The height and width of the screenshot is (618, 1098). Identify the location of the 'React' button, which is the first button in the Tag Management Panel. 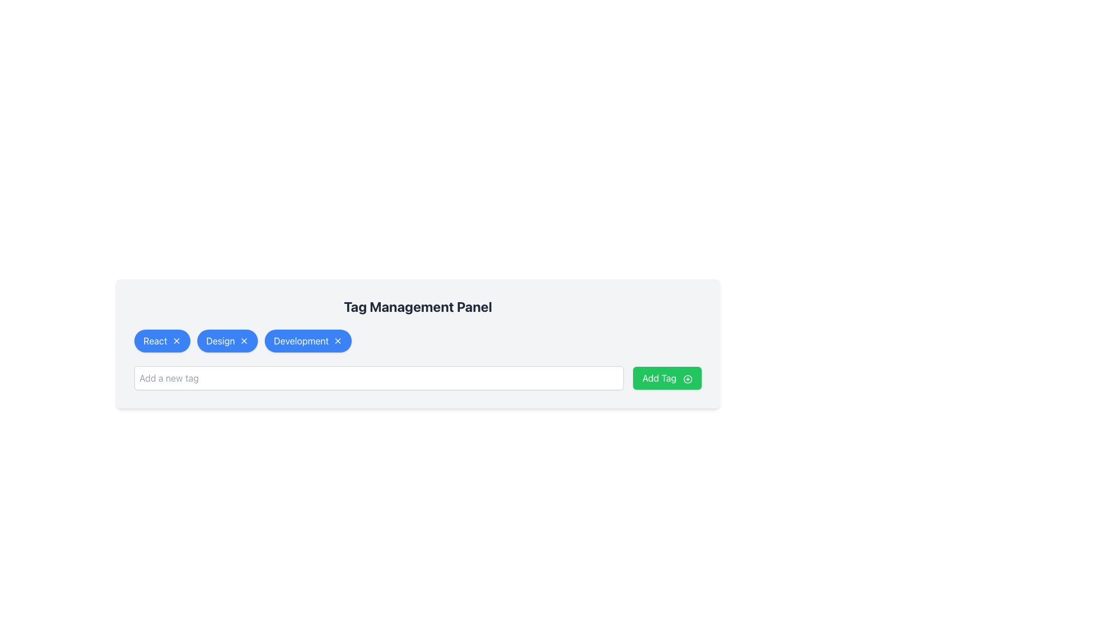
(161, 340).